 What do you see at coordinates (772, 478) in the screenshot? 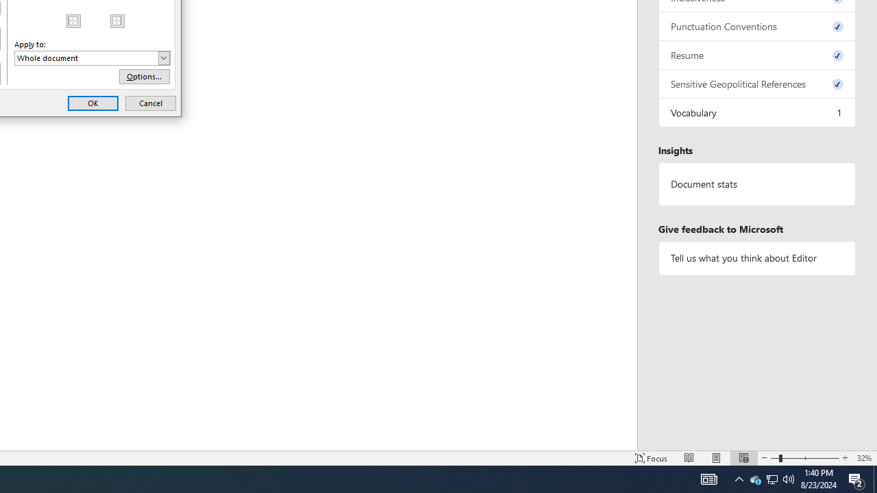
I see `'User Promoted Notification Area'` at bounding box center [772, 478].